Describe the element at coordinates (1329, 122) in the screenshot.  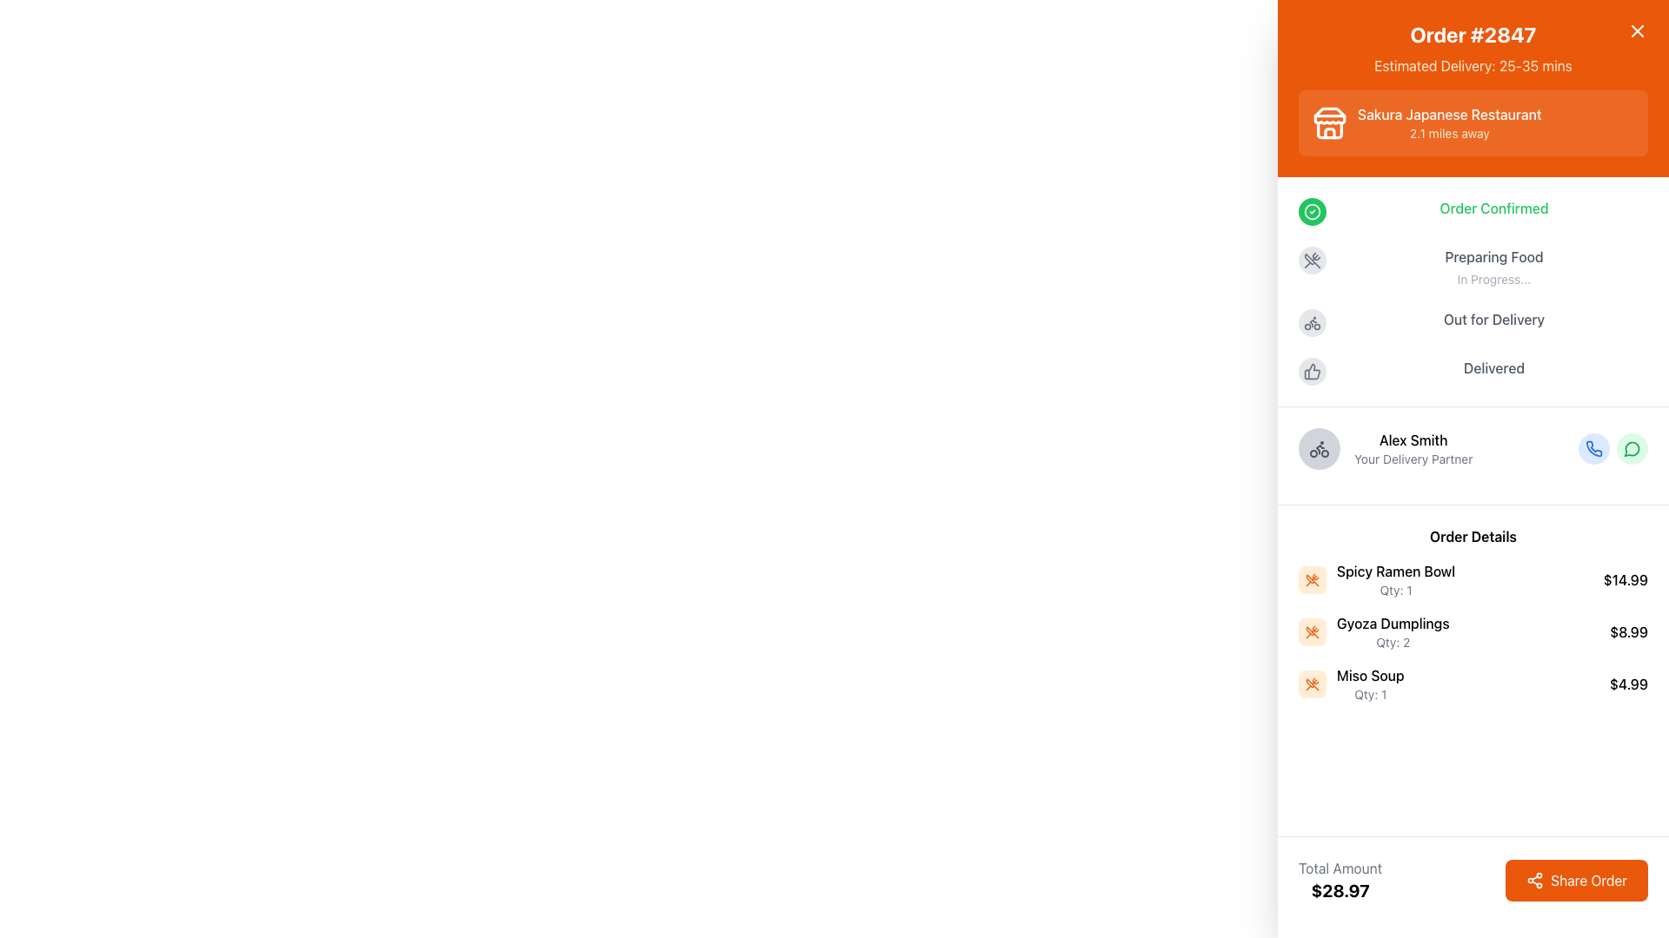
I see `restaurant icon located in the upper part of the sidebar, left of the text 'Sakura Japanese Restaurant' which indicates a distance of '2.1 miles away'` at that location.